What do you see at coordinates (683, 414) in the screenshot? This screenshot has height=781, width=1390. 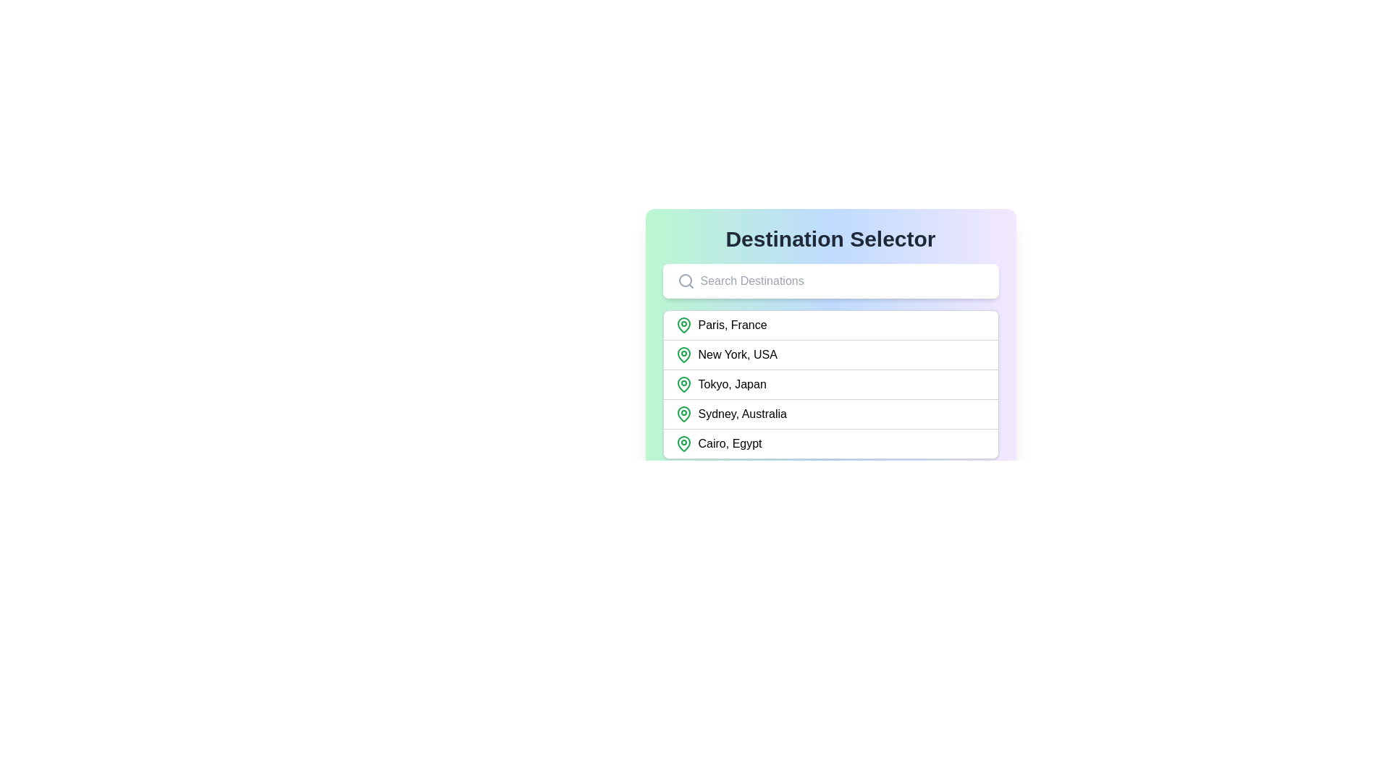 I see `the Map Pin Icon that visually identifies the 'Sydney, Australia' destination entry in the list` at bounding box center [683, 414].